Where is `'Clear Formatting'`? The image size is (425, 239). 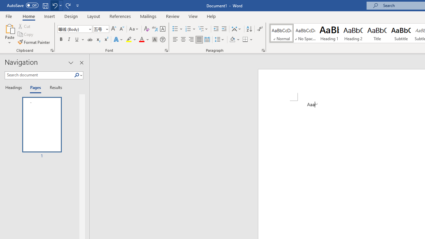
'Clear Formatting' is located at coordinates (146, 29).